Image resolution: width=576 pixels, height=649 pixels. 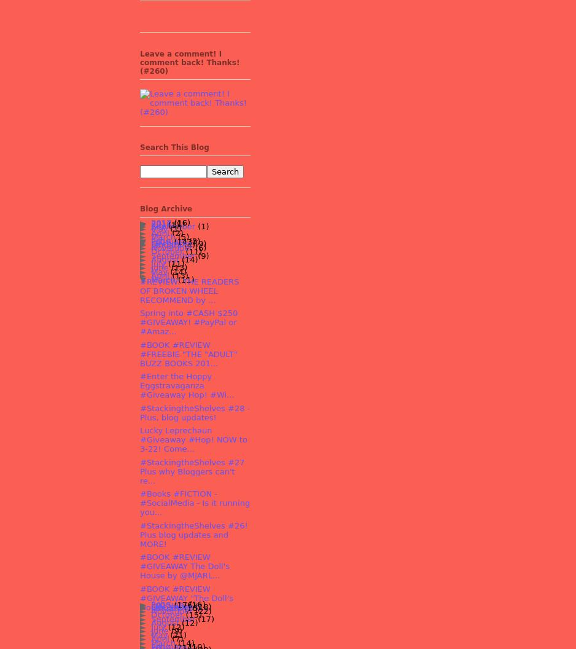 What do you see at coordinates (189, 245) in the screenshot?
I see `'(4)'` at bounding box center [189, 245].